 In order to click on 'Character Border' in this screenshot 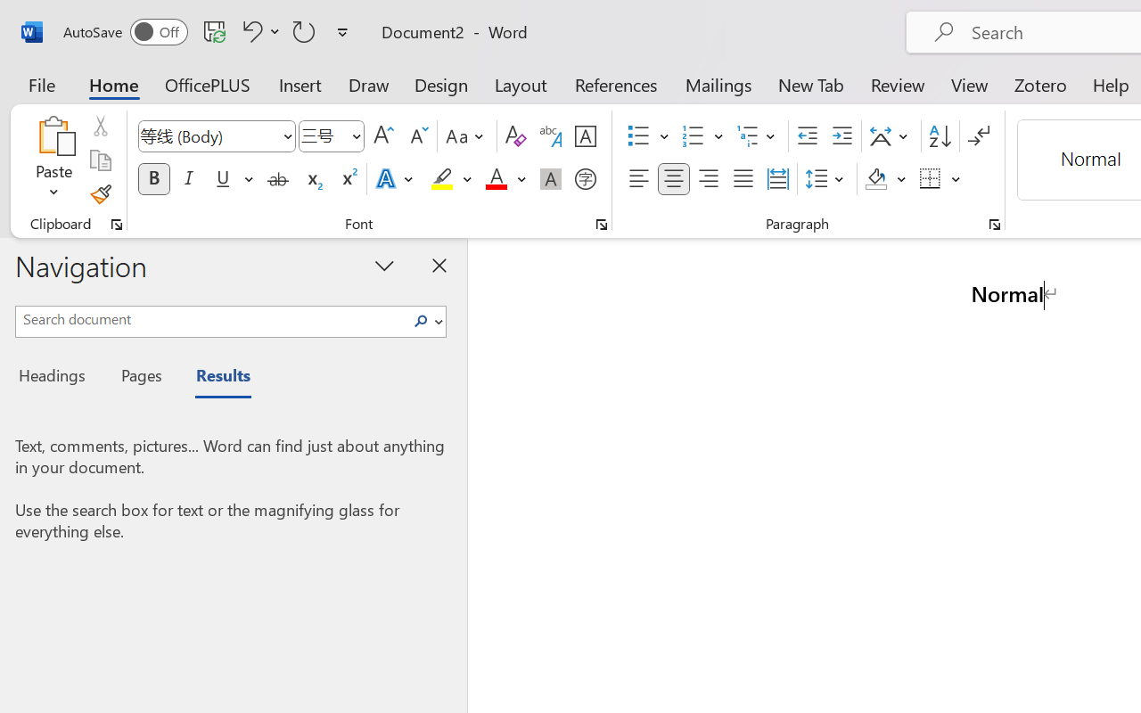, I will do `click(585, 136)`.